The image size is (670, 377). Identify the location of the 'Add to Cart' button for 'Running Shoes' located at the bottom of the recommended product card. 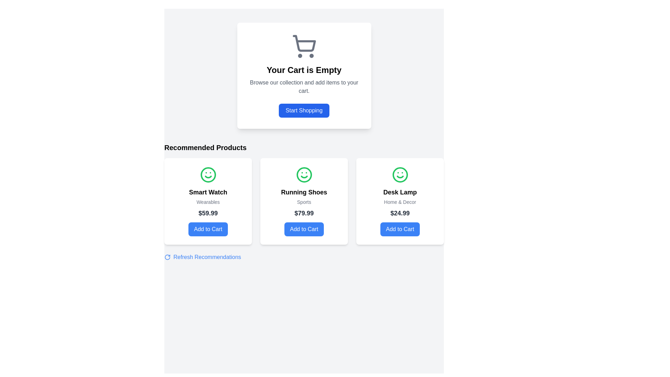
(304, 229).